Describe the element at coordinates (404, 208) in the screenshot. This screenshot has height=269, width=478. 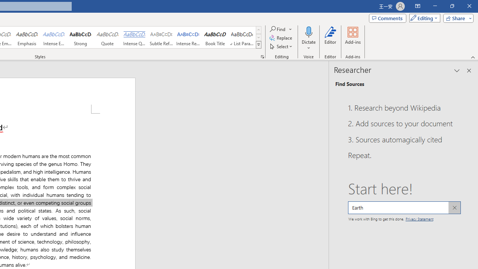
I see `'Research people, events, concepts, and places'` at that location.